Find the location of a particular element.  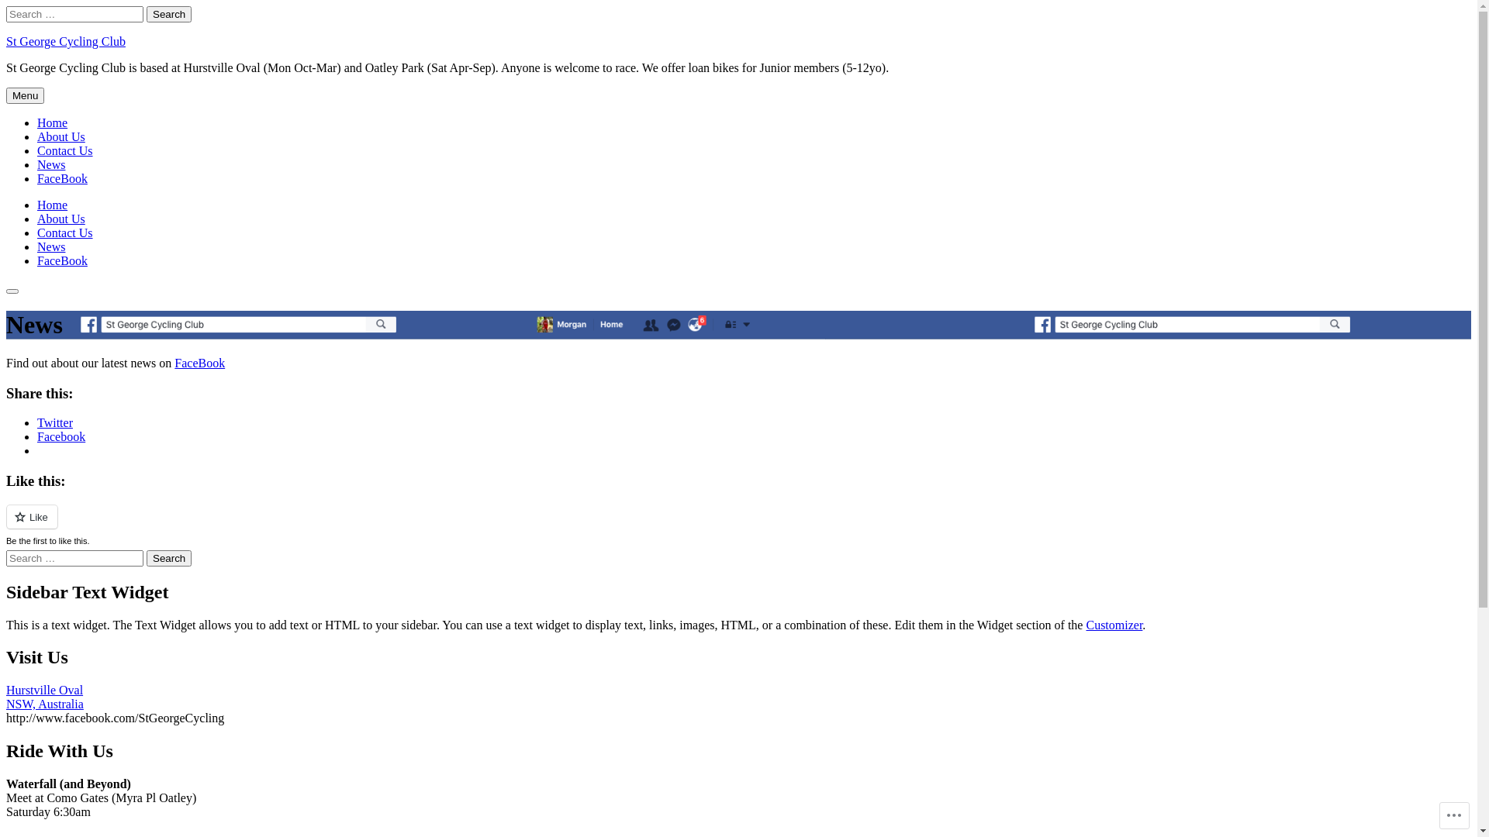

'Skip to content' is located at coordinates (5, 5).